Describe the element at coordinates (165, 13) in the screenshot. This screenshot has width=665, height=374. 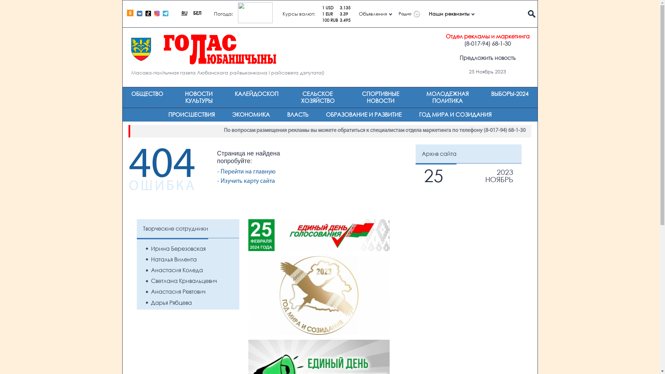
I see `'Telegram'` at that location.